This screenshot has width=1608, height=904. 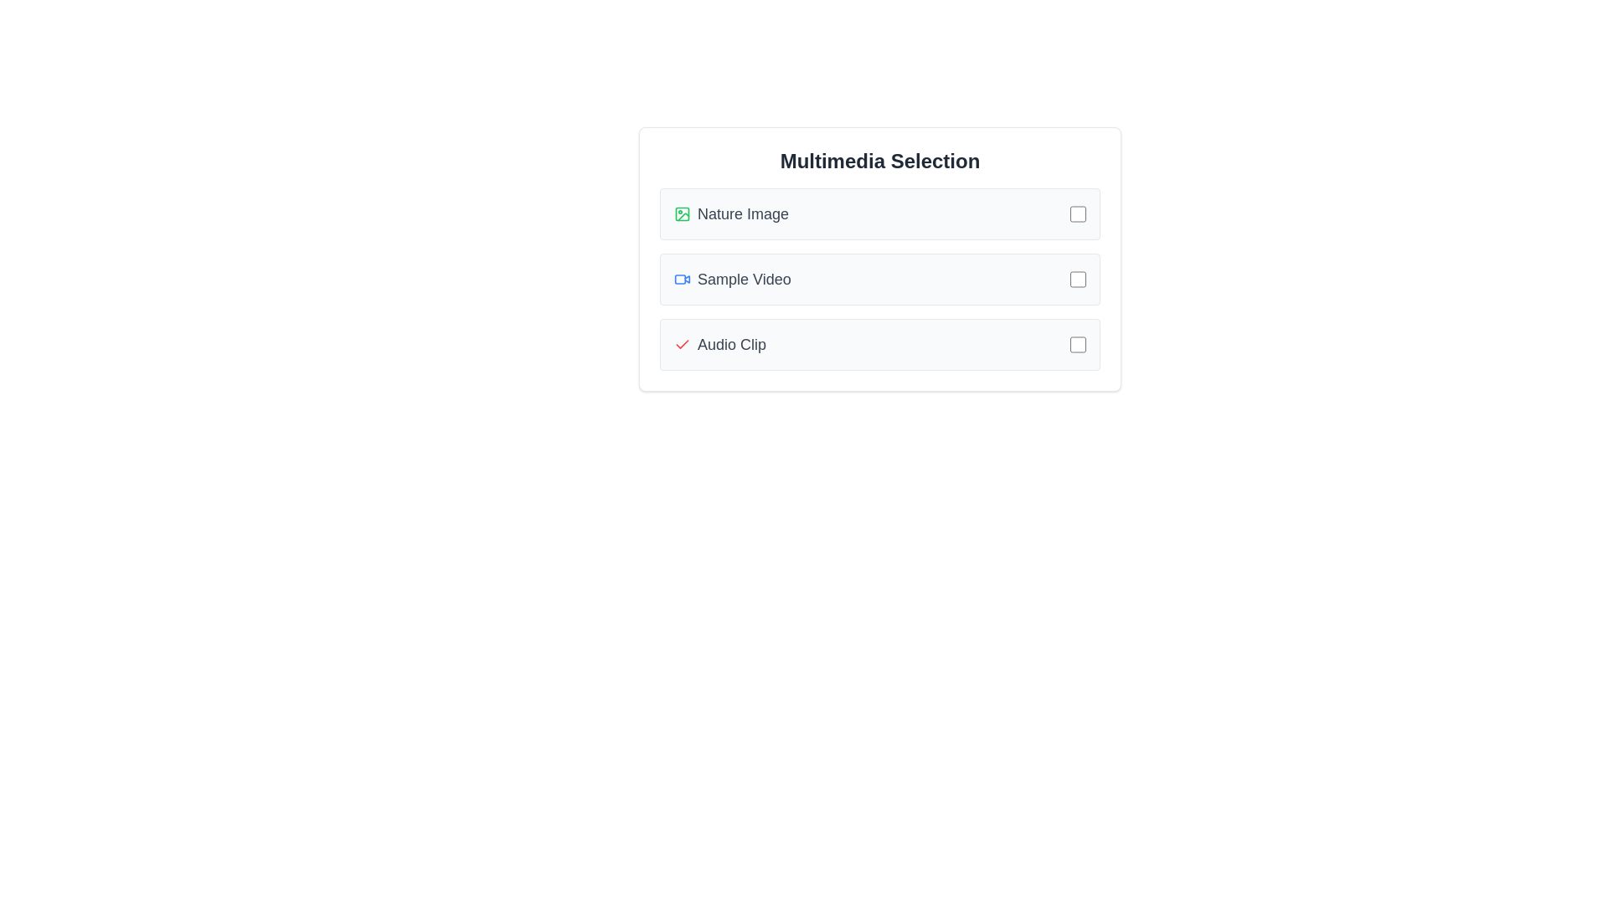 What do you see at coordinates (683, 344) in the screenshot?
I see `the checkmark icon that indicates the active selection of the 'Audio Clip' option, located to the left of the 'Audio Clip' text label` at bounding box center [683, 344].